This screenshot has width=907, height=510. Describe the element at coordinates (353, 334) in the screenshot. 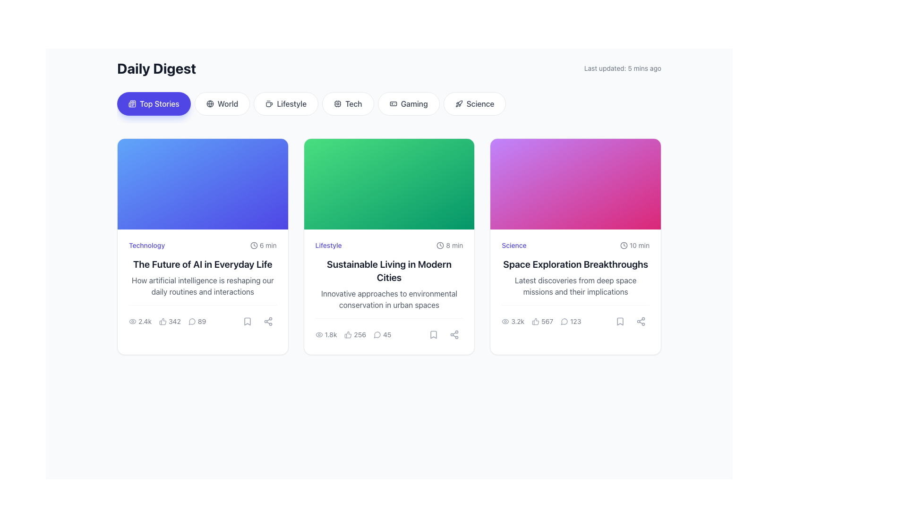

I see `the Statistic Display element that shows the count of likes (256) for the associated card content, located in the middle card of a horizontally aligned row of cards, specifically the second statistic from the right in the feedback section at the bottom of this card` at that location.